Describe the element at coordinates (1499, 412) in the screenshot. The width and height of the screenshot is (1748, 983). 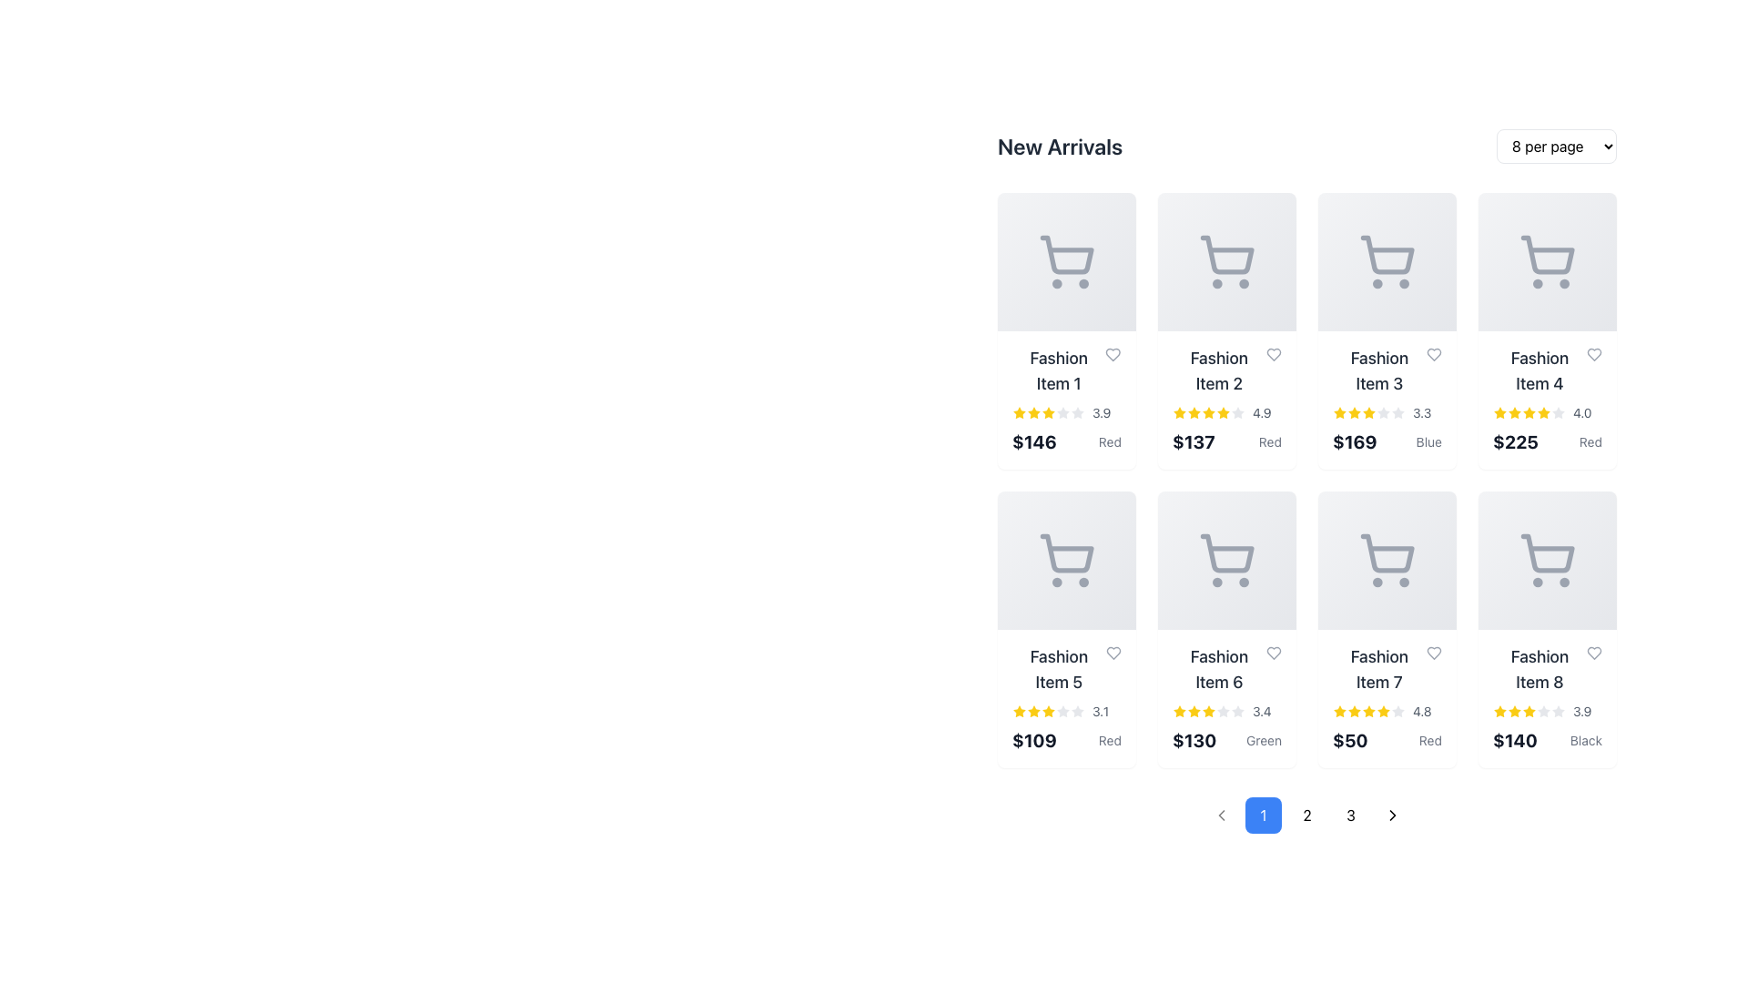
I see `the yellow star icon representing the rating for 'Fashion Item 4'` at that location.